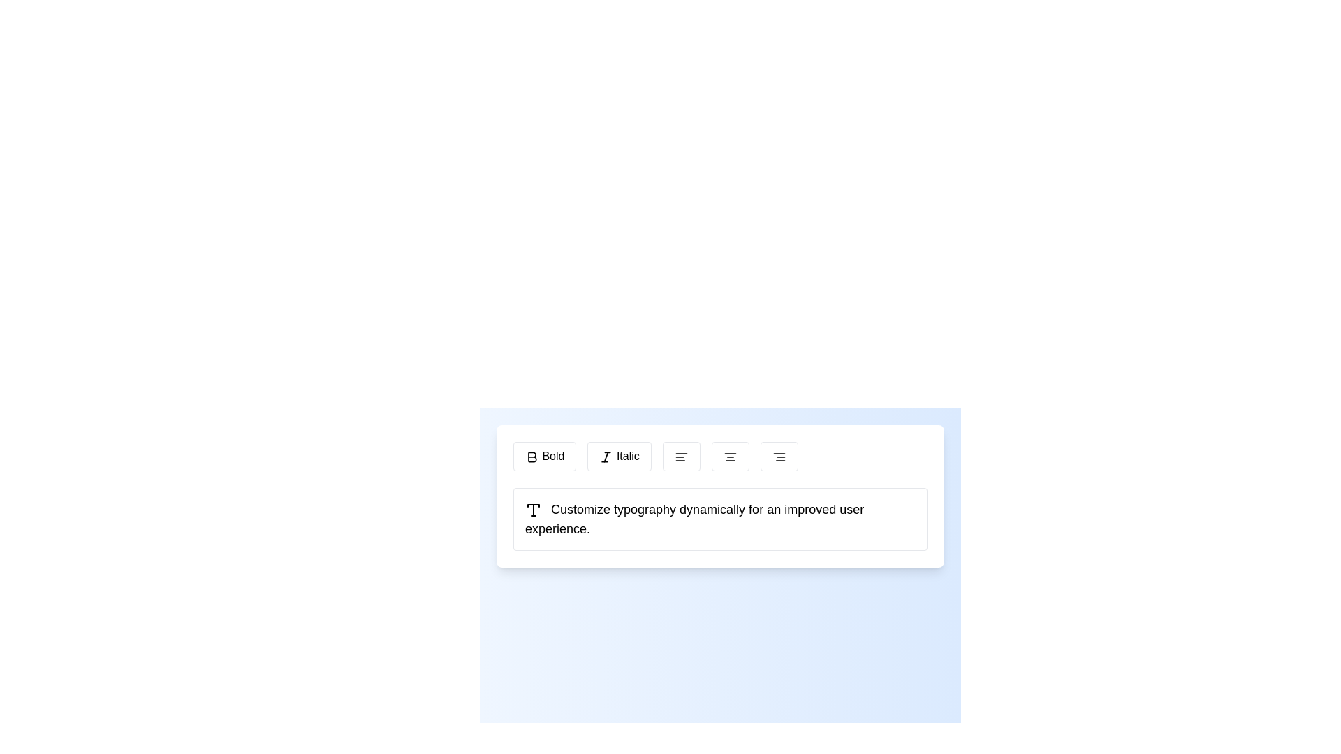 The width and height of the screenshot is (1341, 754). I want to click on the center-alignment button in the toolbar, so click(729, 457).